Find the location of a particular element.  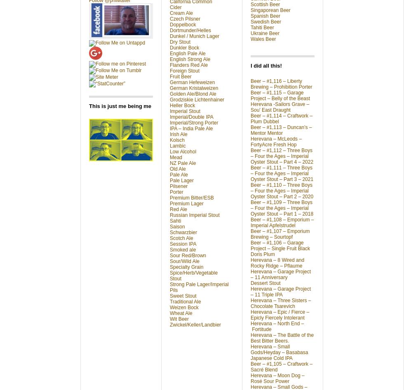

'Sour Red/Brown' is located at coordinates (188, 255).